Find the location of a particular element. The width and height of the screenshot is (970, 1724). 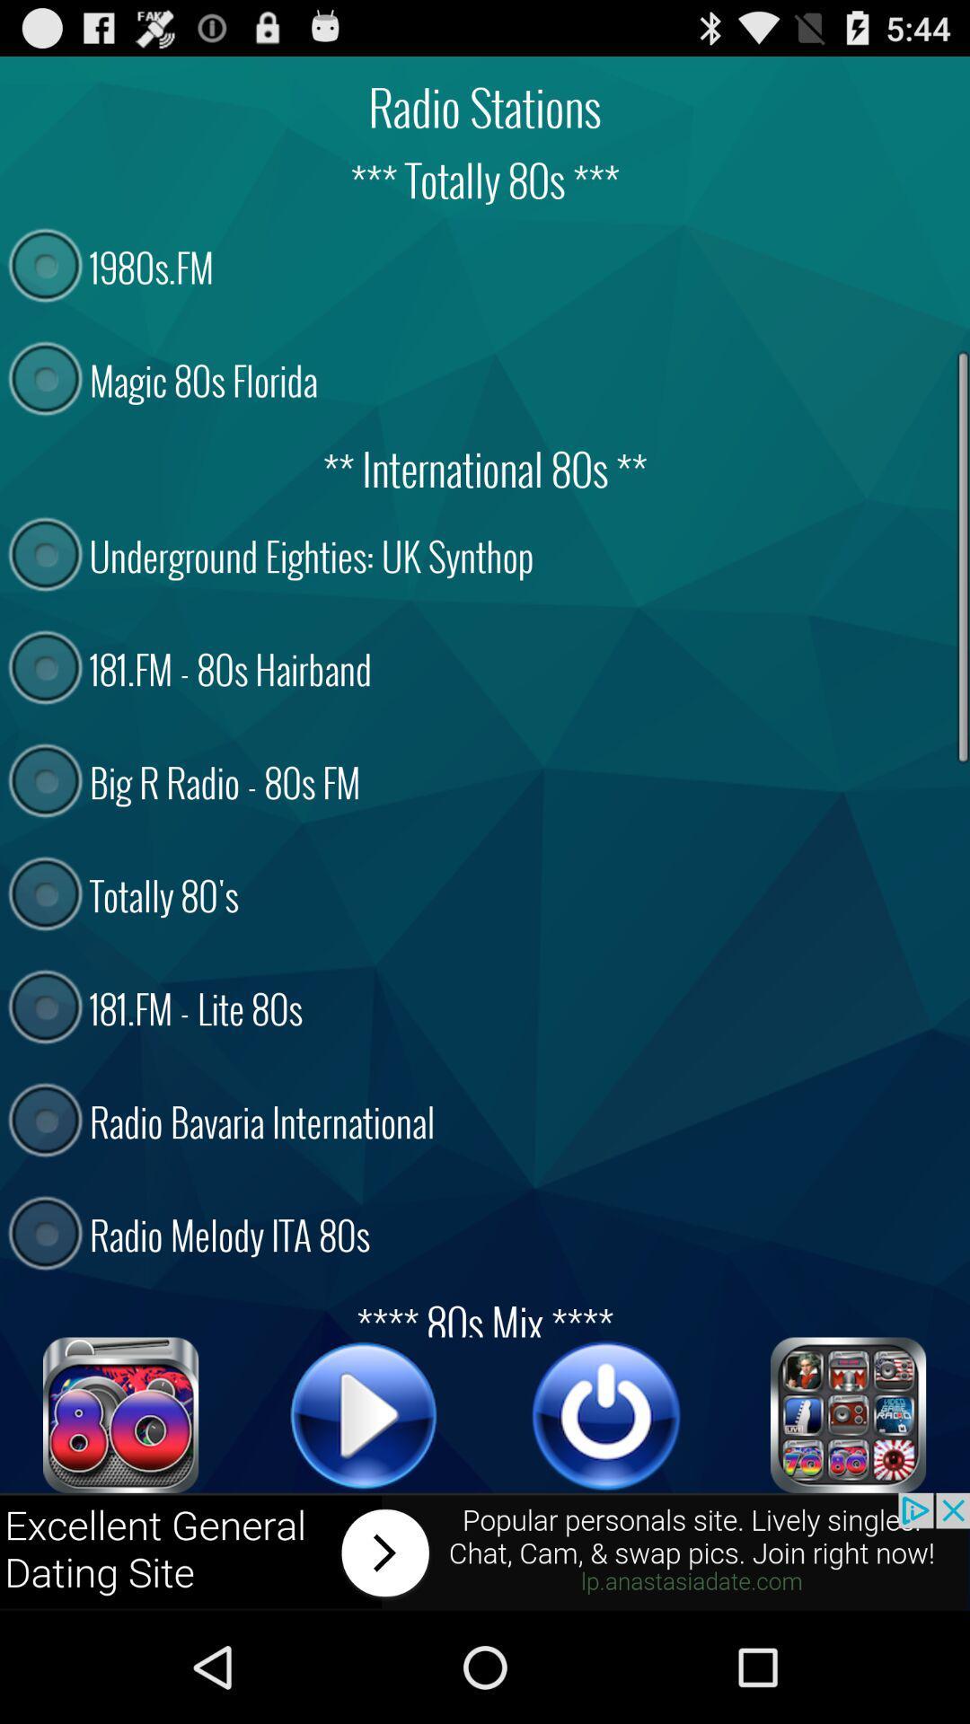

sound is located at coordinates (364, 1414).